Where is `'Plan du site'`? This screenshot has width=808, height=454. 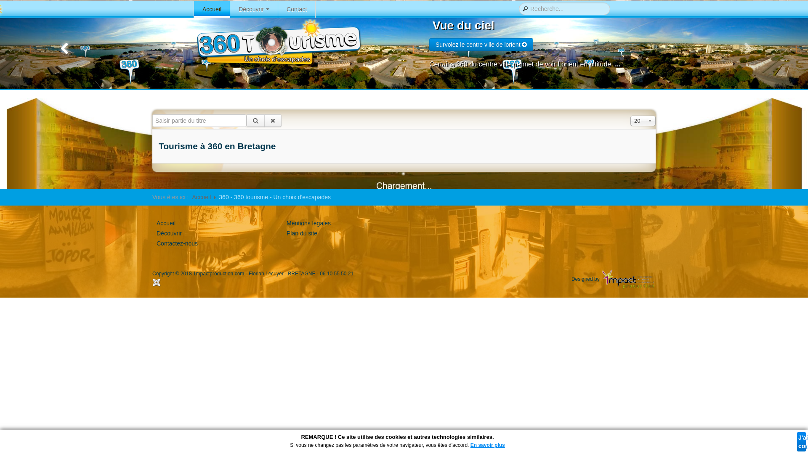
'Plan du site' is located at coordinates (302, 233).